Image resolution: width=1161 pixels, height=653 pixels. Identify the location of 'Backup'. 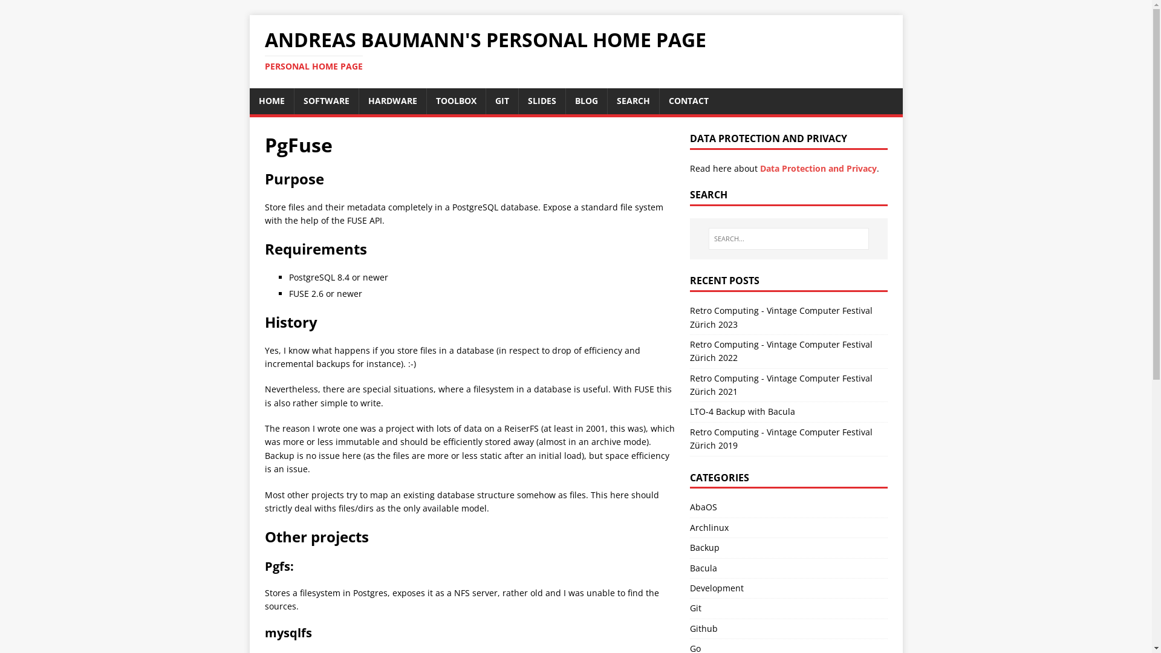
(704, 547).